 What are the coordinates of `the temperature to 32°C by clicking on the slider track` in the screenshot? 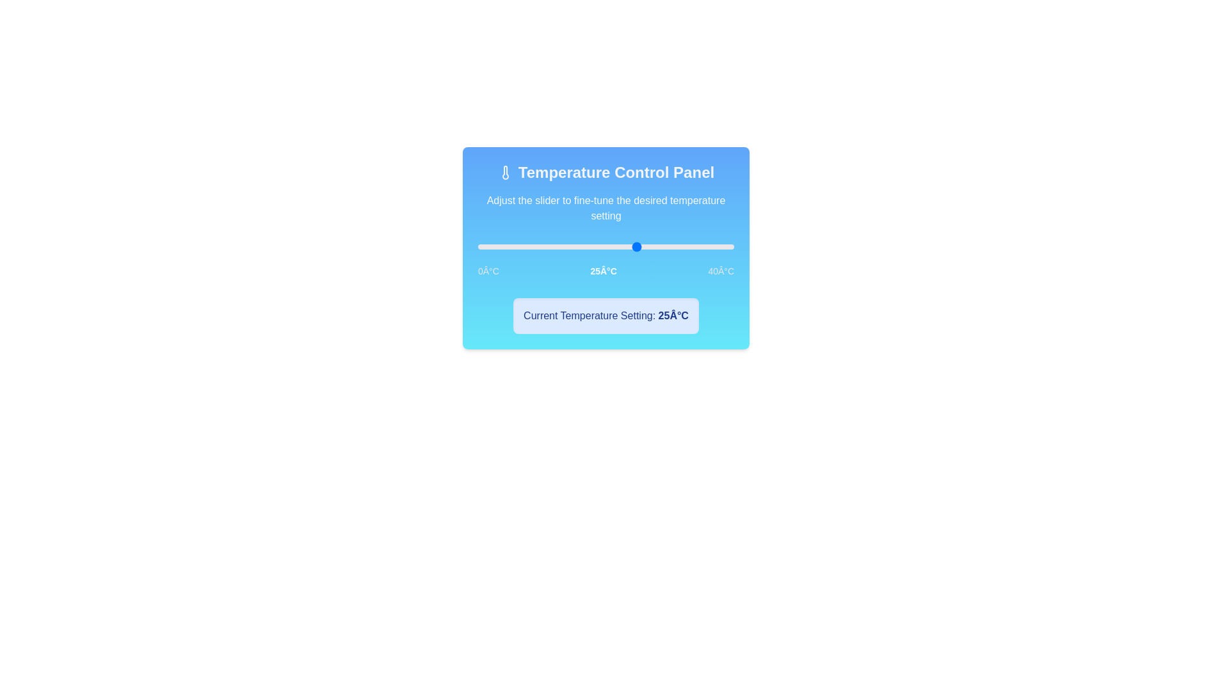 It's located at (682, 246).